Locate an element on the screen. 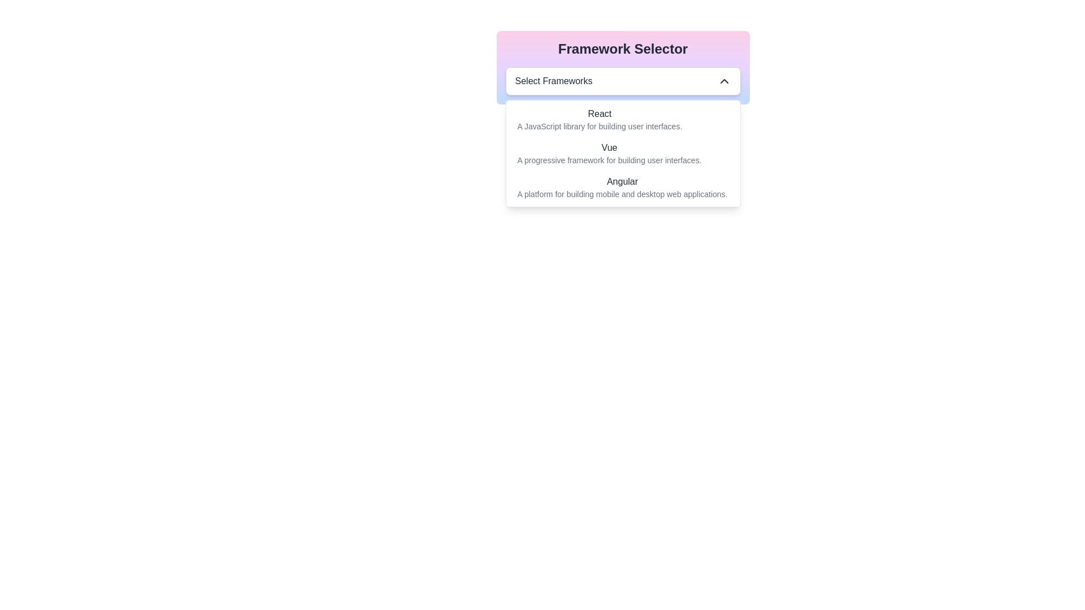 This screenshot has width=1085, height=610. on the list item with the bold title 'Vue' and subtitle 'A progressive framework for building user interfaces' is located at coordinates (622, 154).